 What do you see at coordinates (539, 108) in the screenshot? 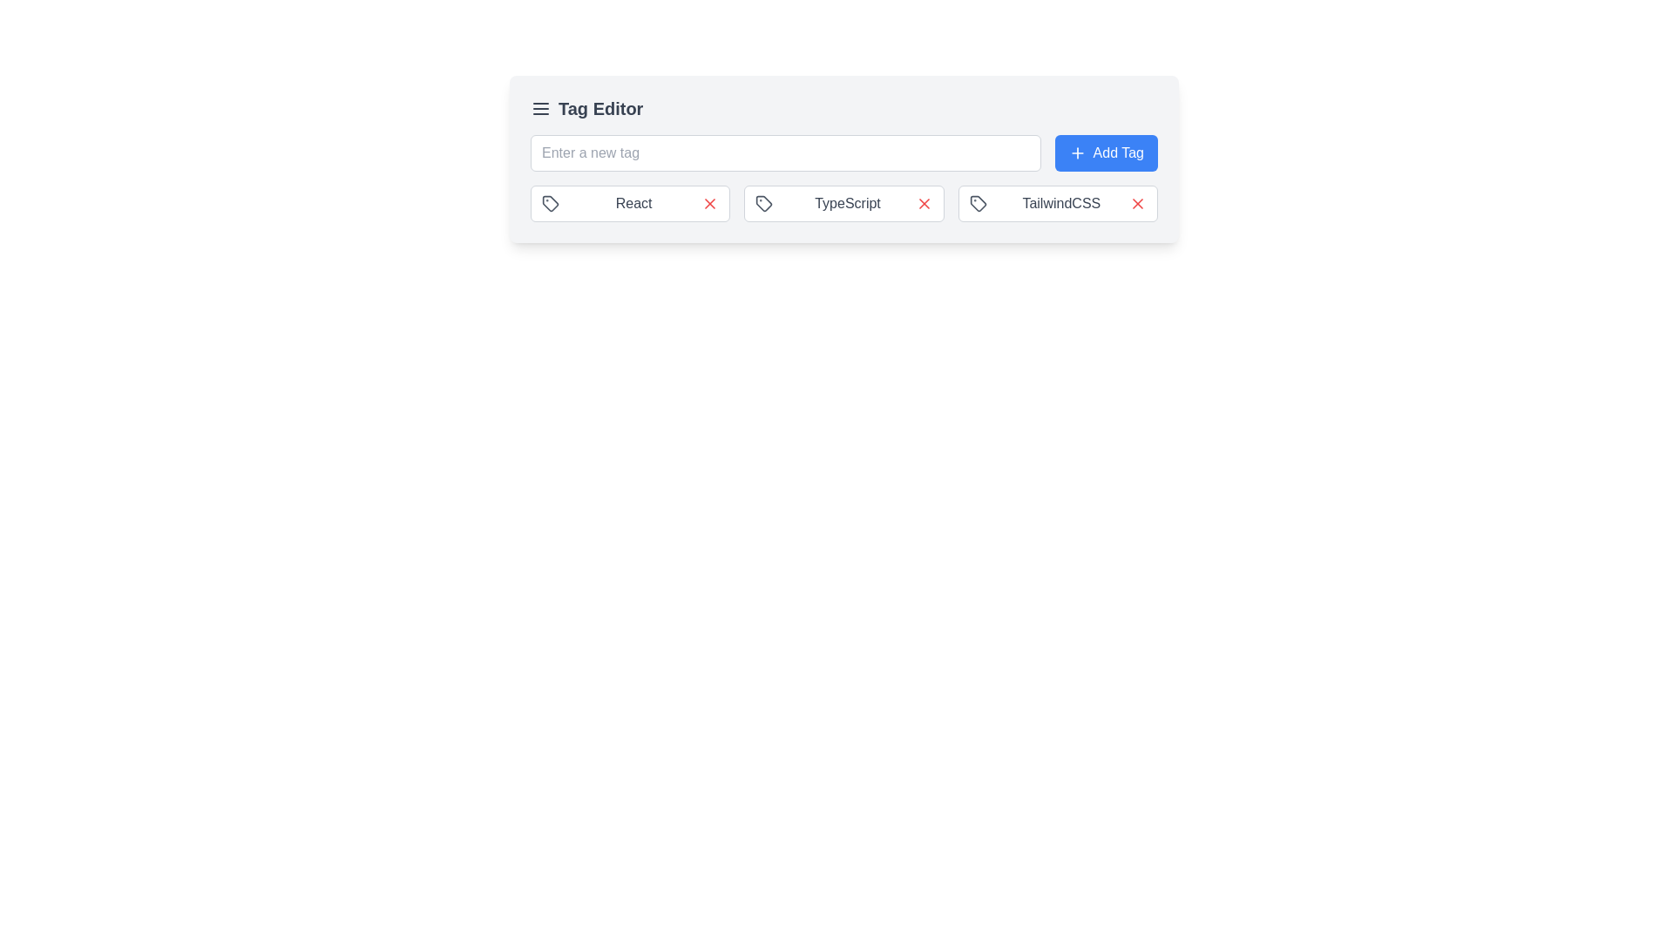
I see `the icon button located to the left of the 'Tag Editor' text in the header section` at bounding box center [539, 108].